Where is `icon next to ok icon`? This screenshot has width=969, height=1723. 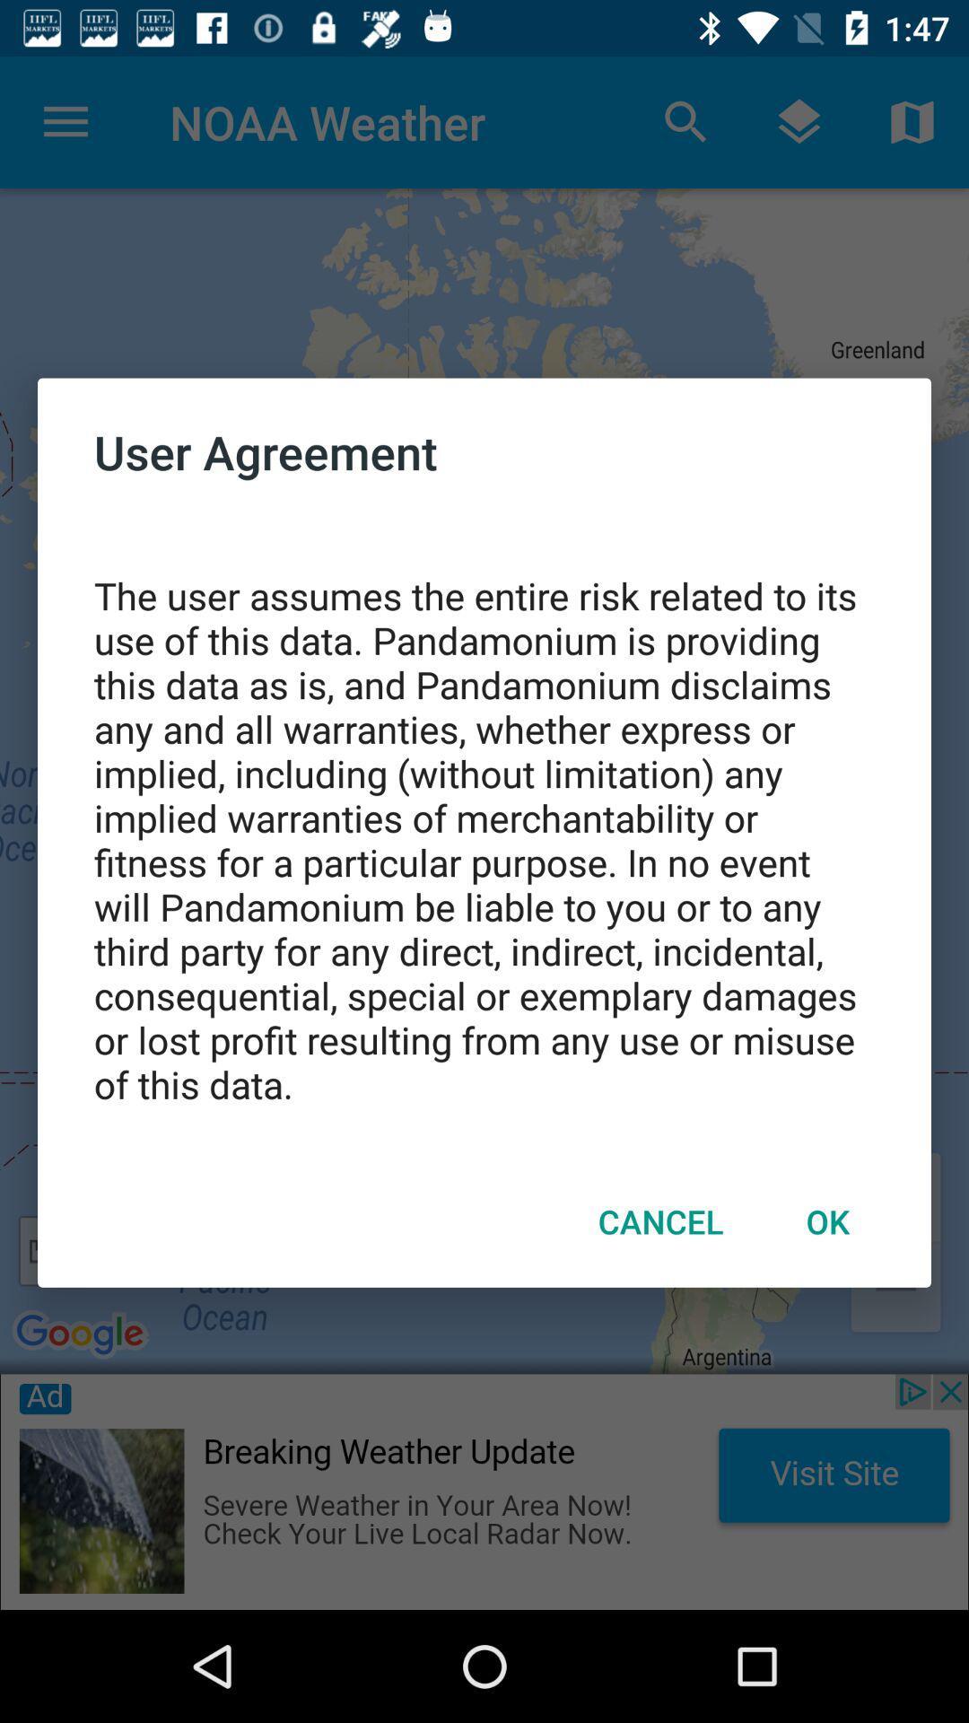 icon next to ok icon is located at coordinates (660, 1220).